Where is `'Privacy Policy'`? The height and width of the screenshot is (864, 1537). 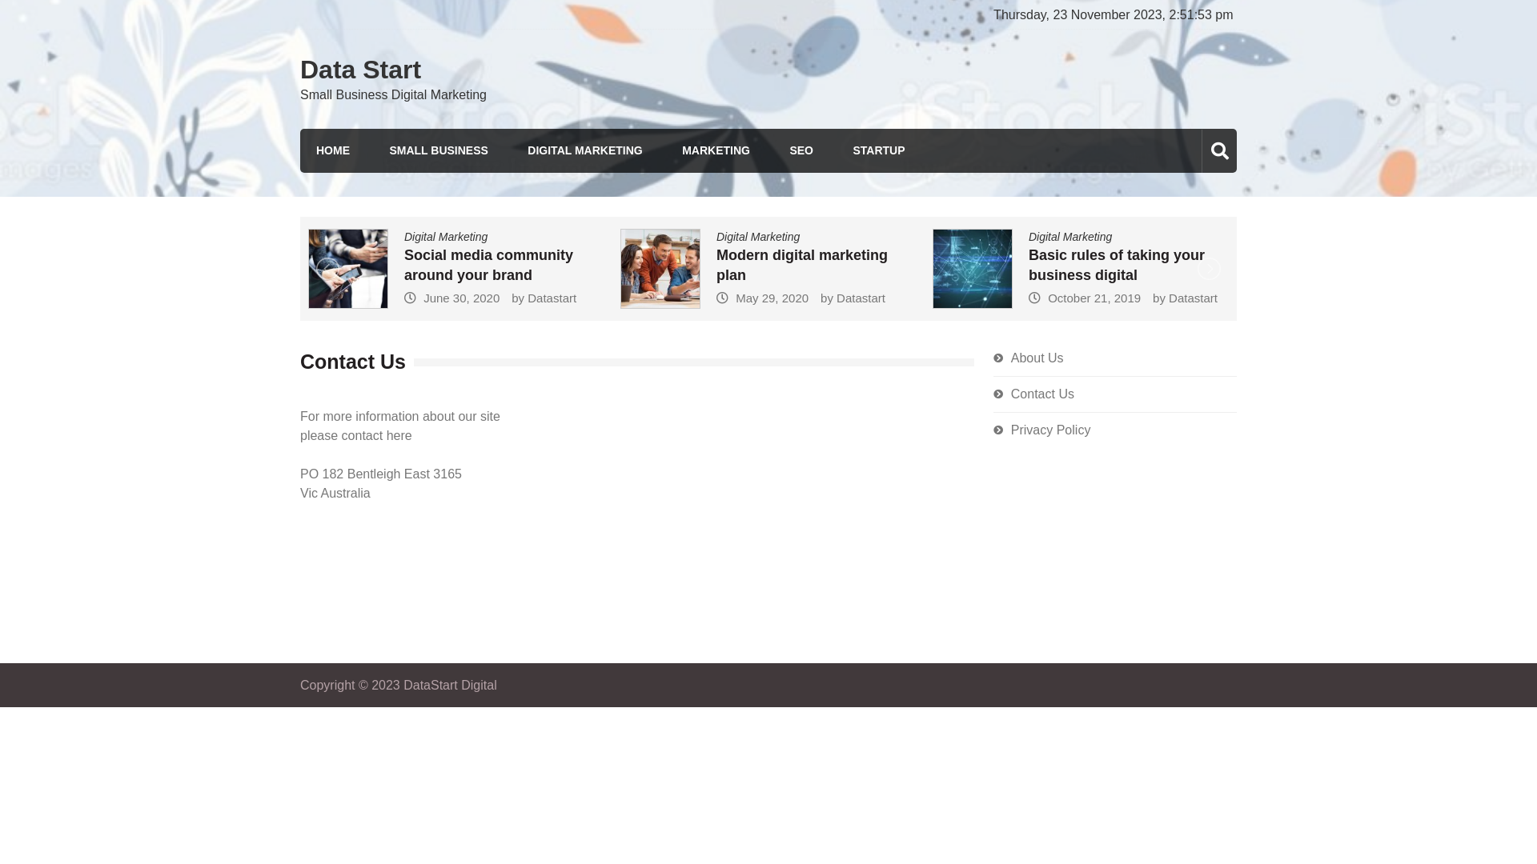
'Privacy Policy' is located at coordinates (1051, 429).